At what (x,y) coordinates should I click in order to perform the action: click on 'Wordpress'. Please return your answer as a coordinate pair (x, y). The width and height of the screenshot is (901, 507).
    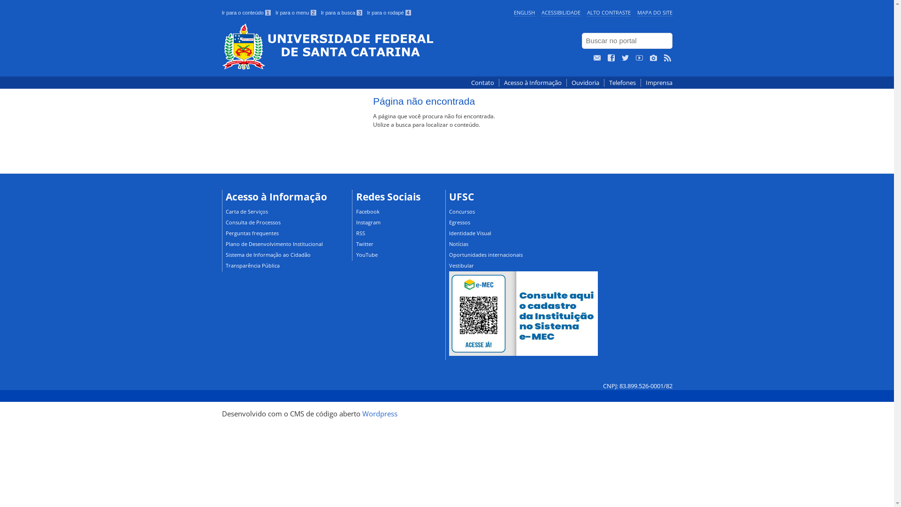
    Looking at the image, I should click on (380, 413).